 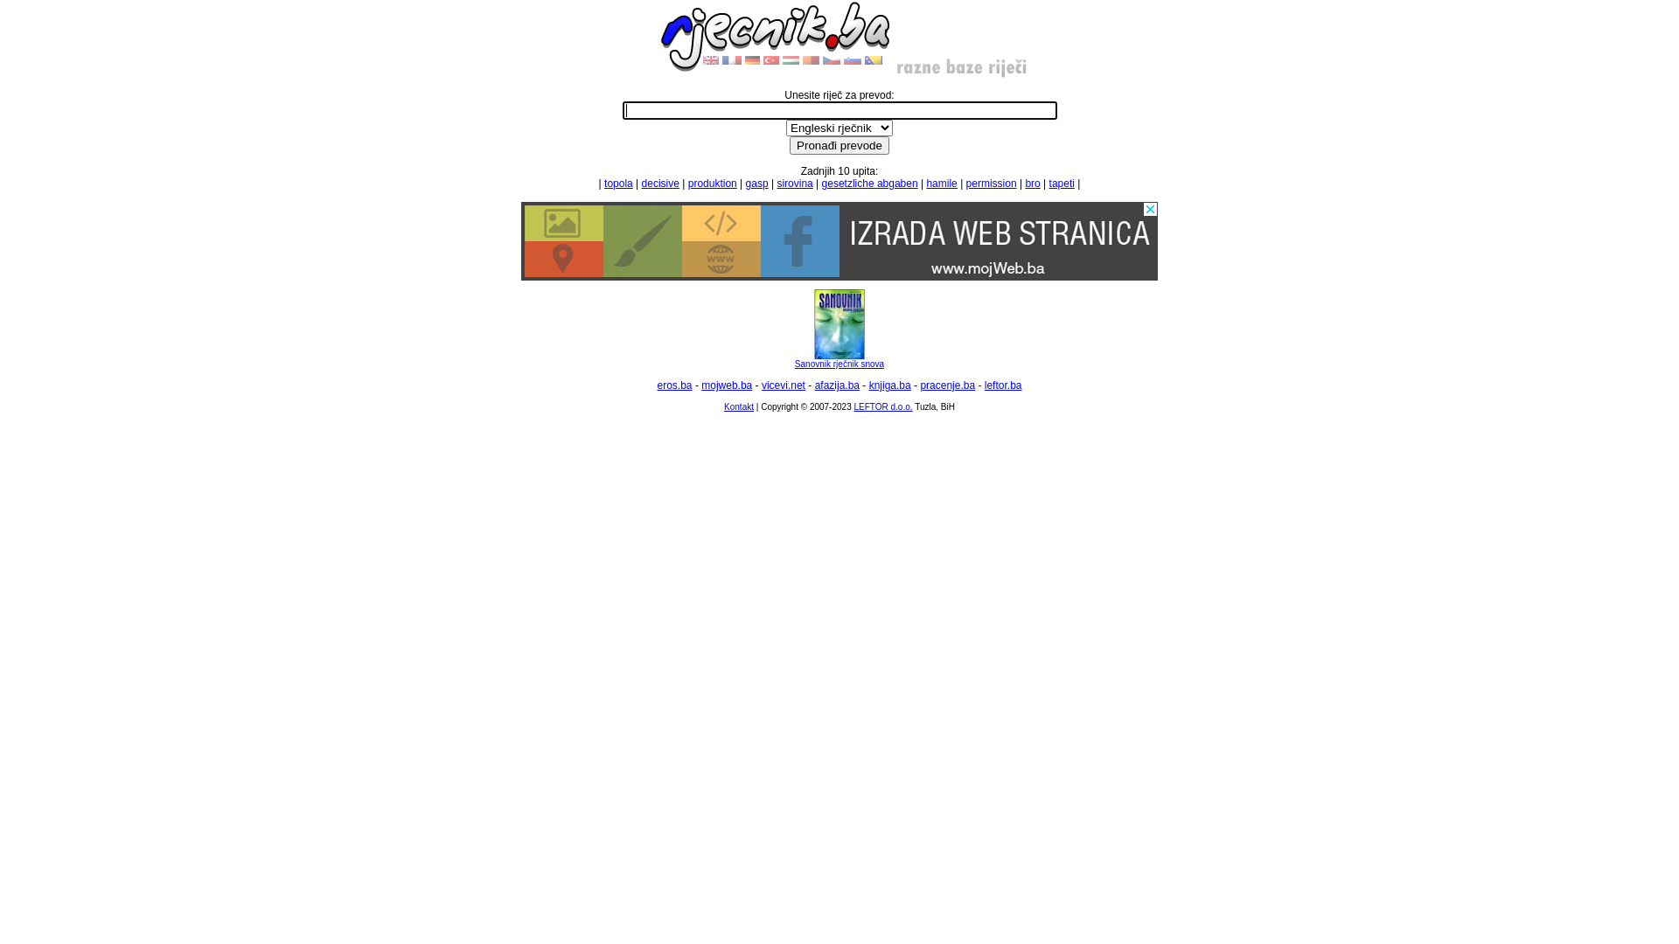 I want to click on 'decisive', so click(x=659, y=183).